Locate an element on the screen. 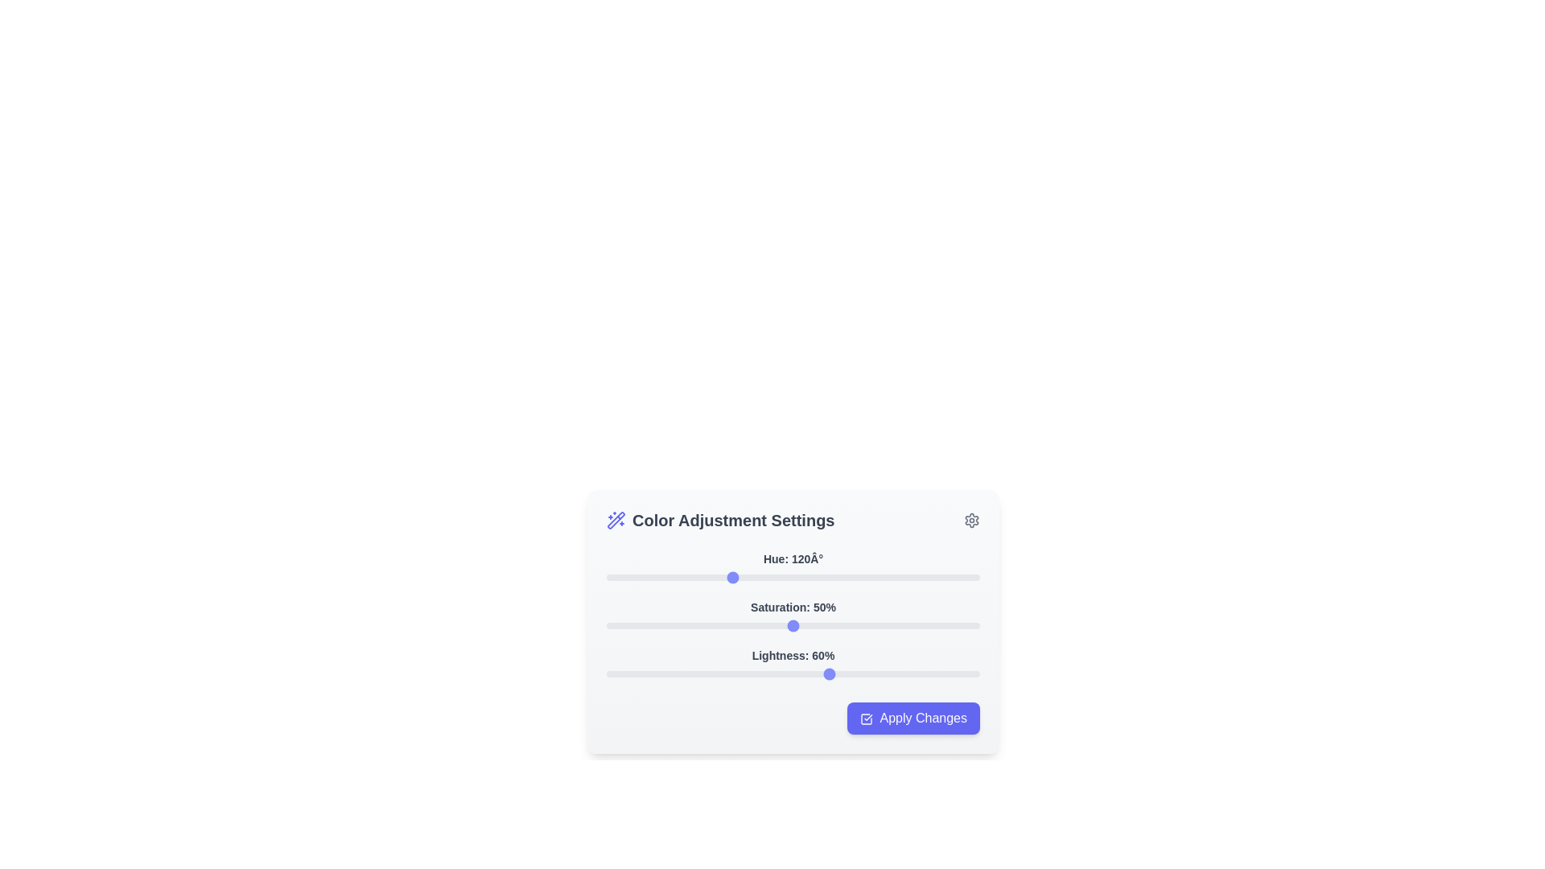 This screenshot has height=869, width=1545. the lightness is located at coordinates (958, 673).